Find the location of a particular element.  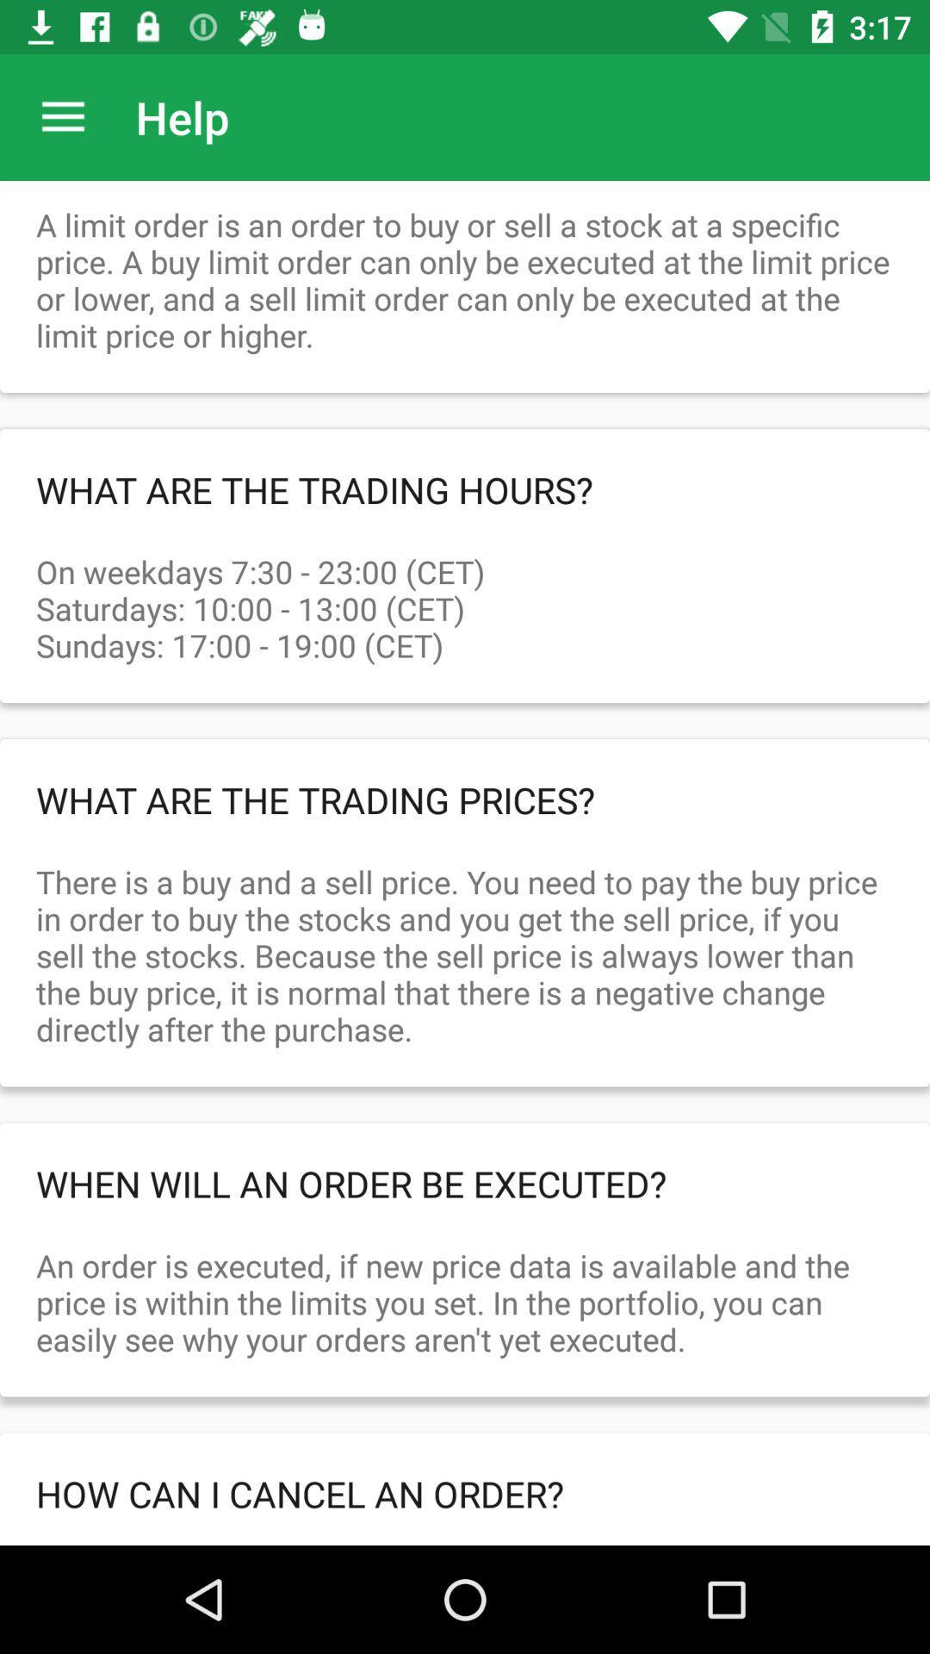

icon above what are the item is located at coordinates (465, 590).